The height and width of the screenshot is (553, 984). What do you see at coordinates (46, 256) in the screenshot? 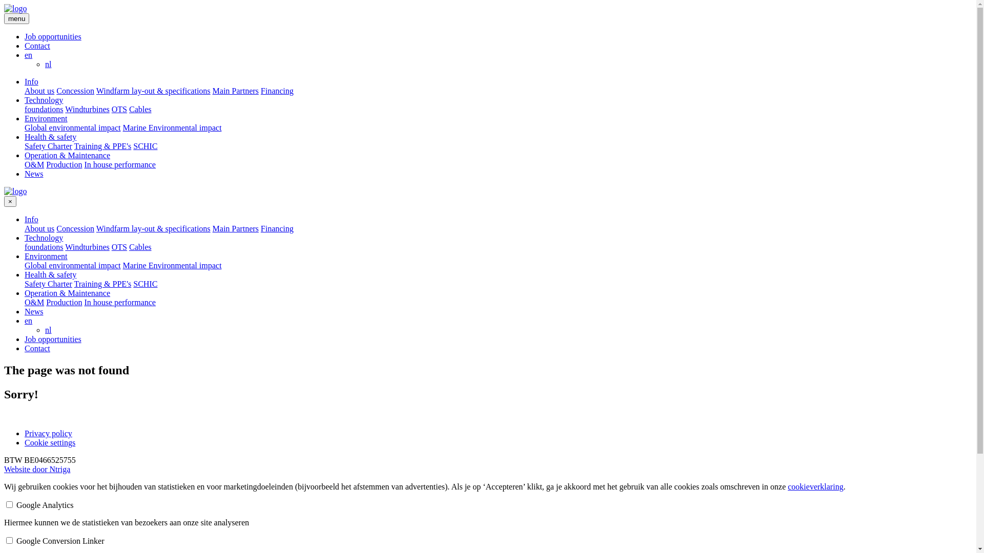
I see `'Environment'` at bounding box center [46, 256].